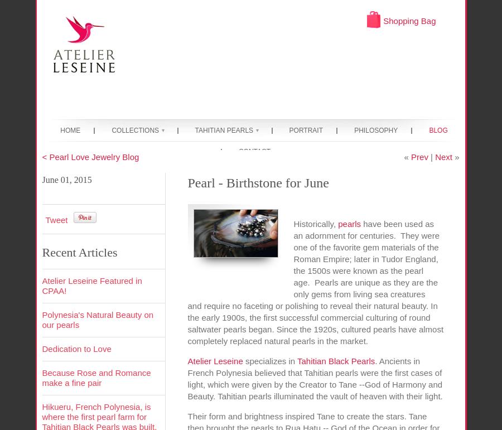  Describe the element at coordinates (315, 282) in the screenshot. I see `'have been used as an adornment for centuries.  They were one of the favorite gem materials of the Roman Empire; later in Tudor England, the 1500s were known as the pearl age.  Pearls are unique as they are the only gems from living sea creatures and require no faceting or polishing to reveal their natural beauty. In the early 1900s, the first successful commercial culturing of round saltwater pearls began. Since the 1920s, cultured pearls have almost completely replaced natural pearls in the market.'` at that location.